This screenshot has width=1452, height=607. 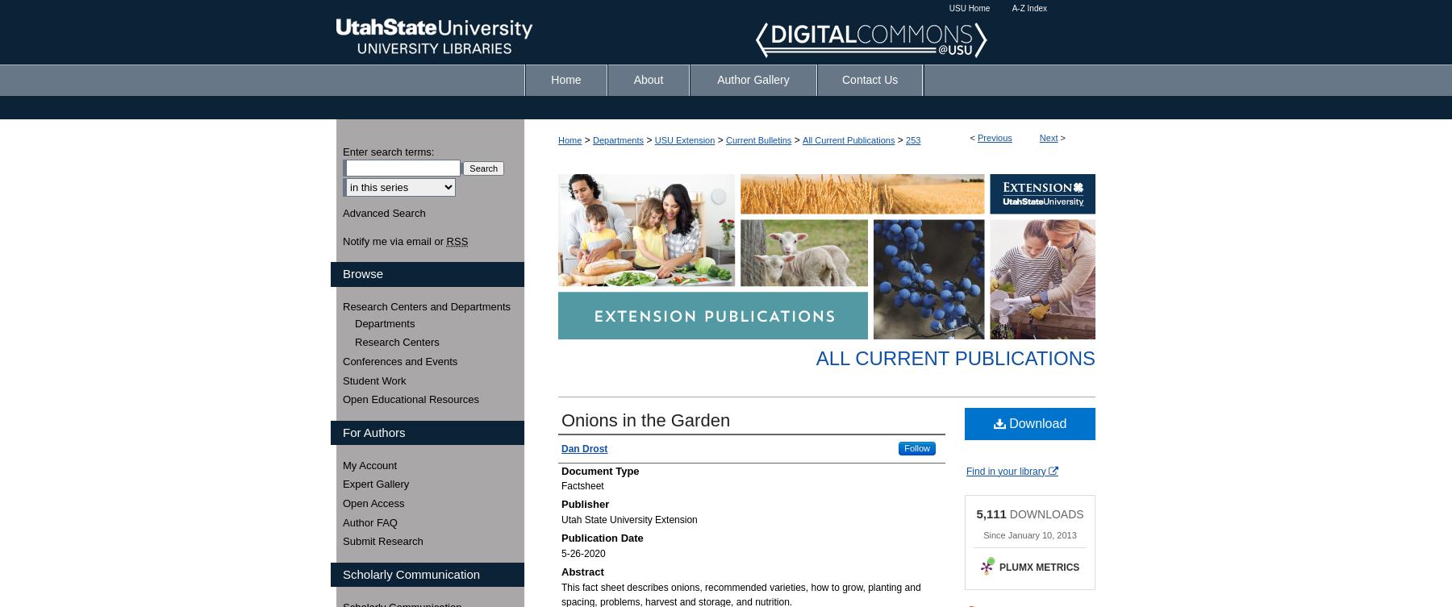 What do you see at coordinates (395, 341) in the screenshot?
I see `'Research Centers'` at bounding box center [395, 341].